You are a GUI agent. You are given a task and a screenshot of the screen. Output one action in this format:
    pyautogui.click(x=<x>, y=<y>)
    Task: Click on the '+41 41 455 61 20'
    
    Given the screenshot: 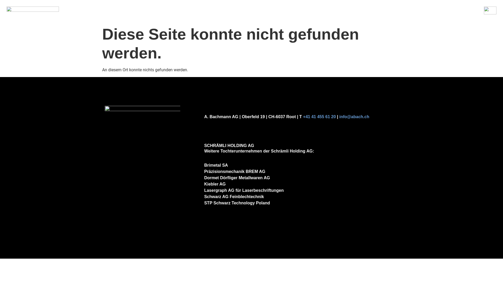 What is the action you would take?
    pyautogui.click(x=319, y=116)
    